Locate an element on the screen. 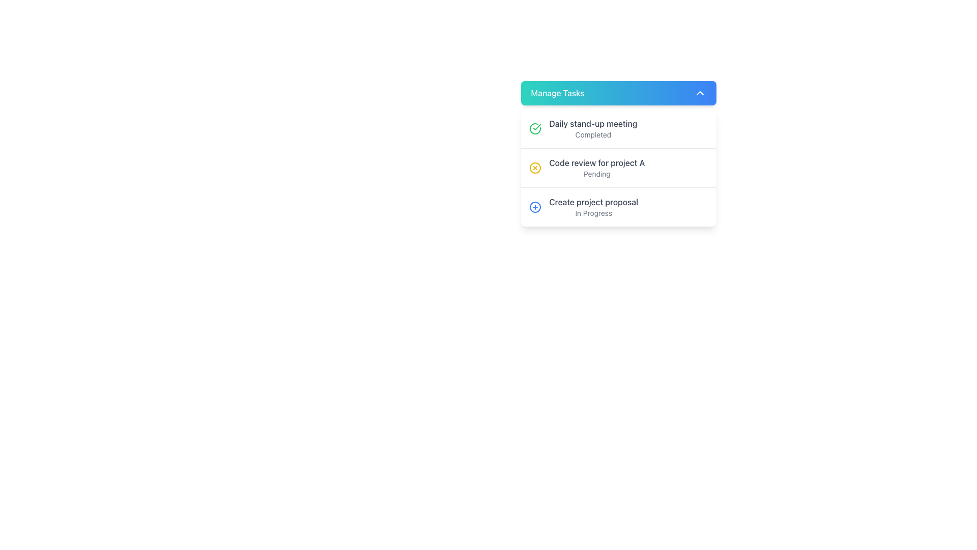  the descriptive title text label for a task located in the 'Manage Tasks' section, positioned above the status text 'In Progress' and next to the circular plus icon is located at coordinates (593, 202).